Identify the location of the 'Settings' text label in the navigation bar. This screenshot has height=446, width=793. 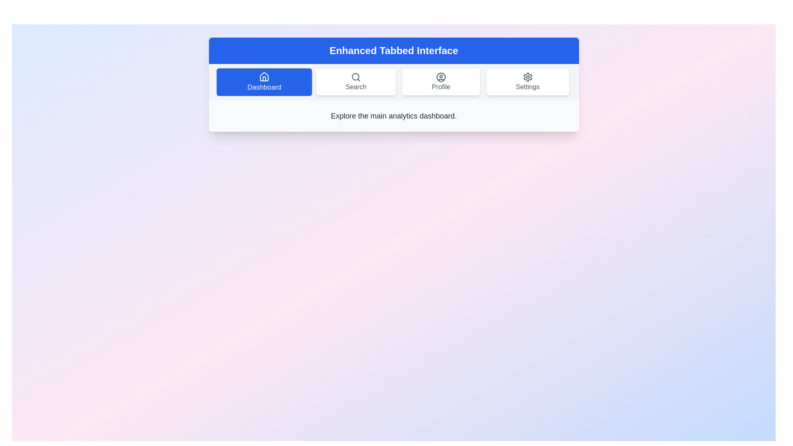
(527, 87).